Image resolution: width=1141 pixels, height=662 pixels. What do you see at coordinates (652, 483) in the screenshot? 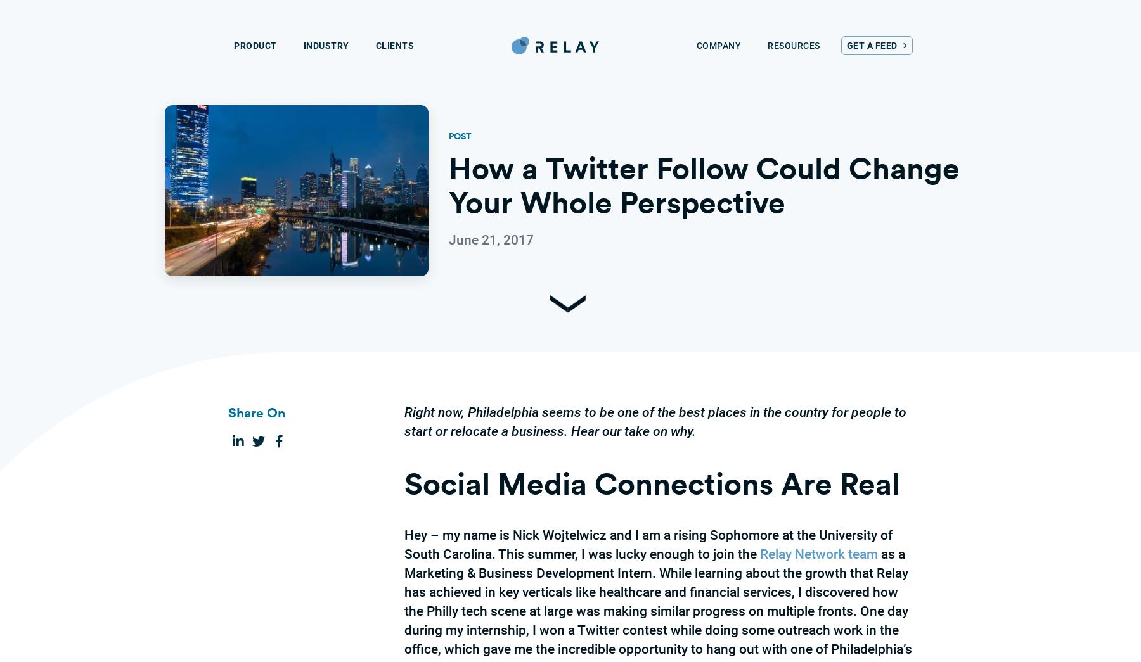
I see `'Social Media Connections Are Real'` at bounding box center [652, 483].